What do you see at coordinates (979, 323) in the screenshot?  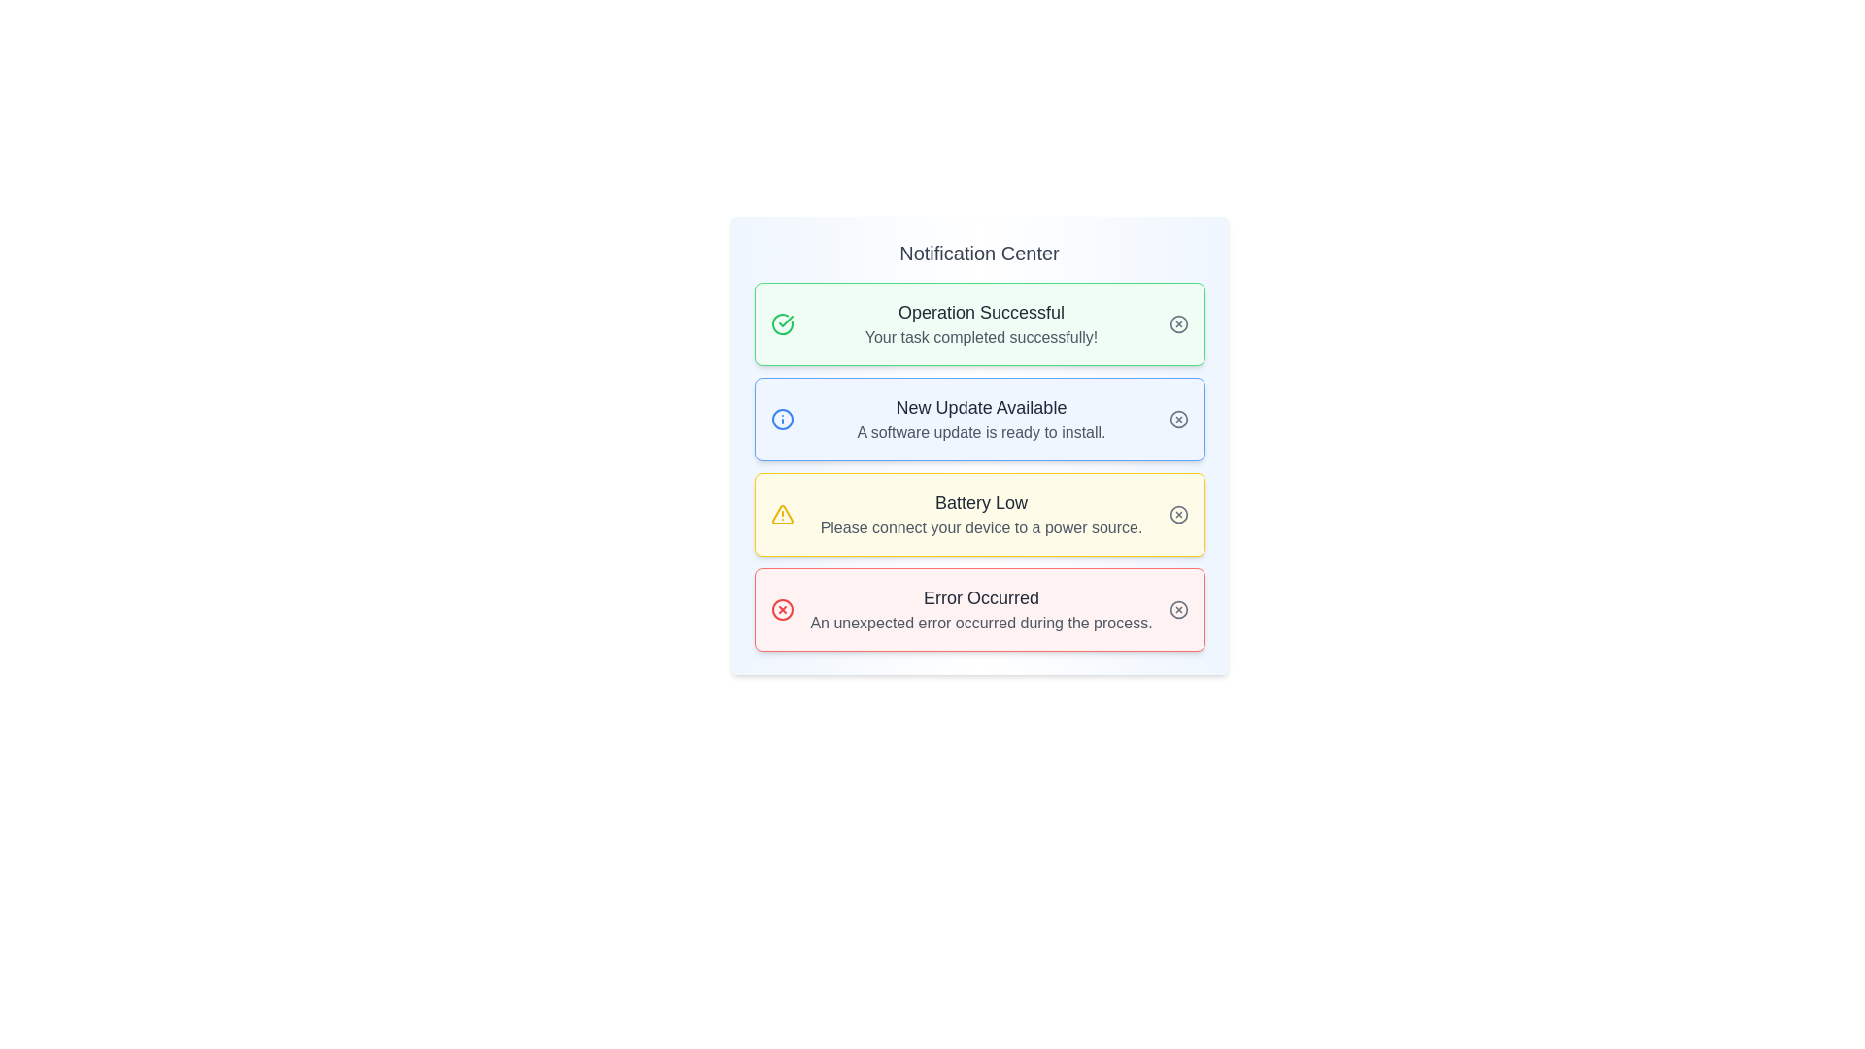 I see `the first notification card in the Notification Center that conveys a message about a successful operation` at bounding box center [979, 323].